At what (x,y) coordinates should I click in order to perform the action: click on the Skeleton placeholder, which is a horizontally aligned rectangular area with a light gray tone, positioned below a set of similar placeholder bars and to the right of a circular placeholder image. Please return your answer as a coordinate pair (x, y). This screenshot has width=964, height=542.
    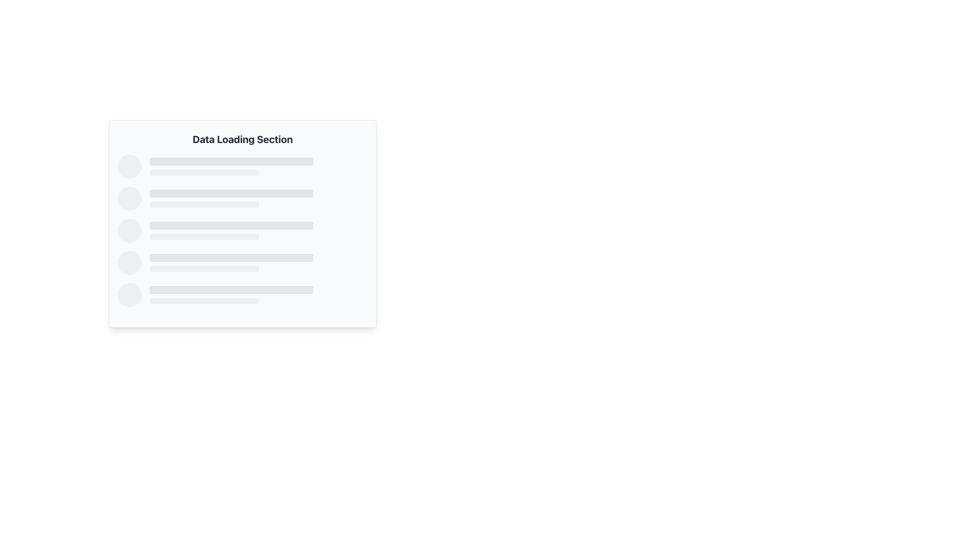
    Looking at the image, I should click on (259, 294).